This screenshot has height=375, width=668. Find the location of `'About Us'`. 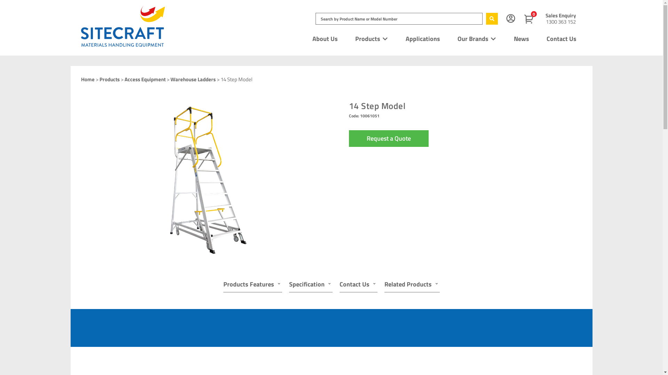

'About Us' is located at coordinates (325, 39).